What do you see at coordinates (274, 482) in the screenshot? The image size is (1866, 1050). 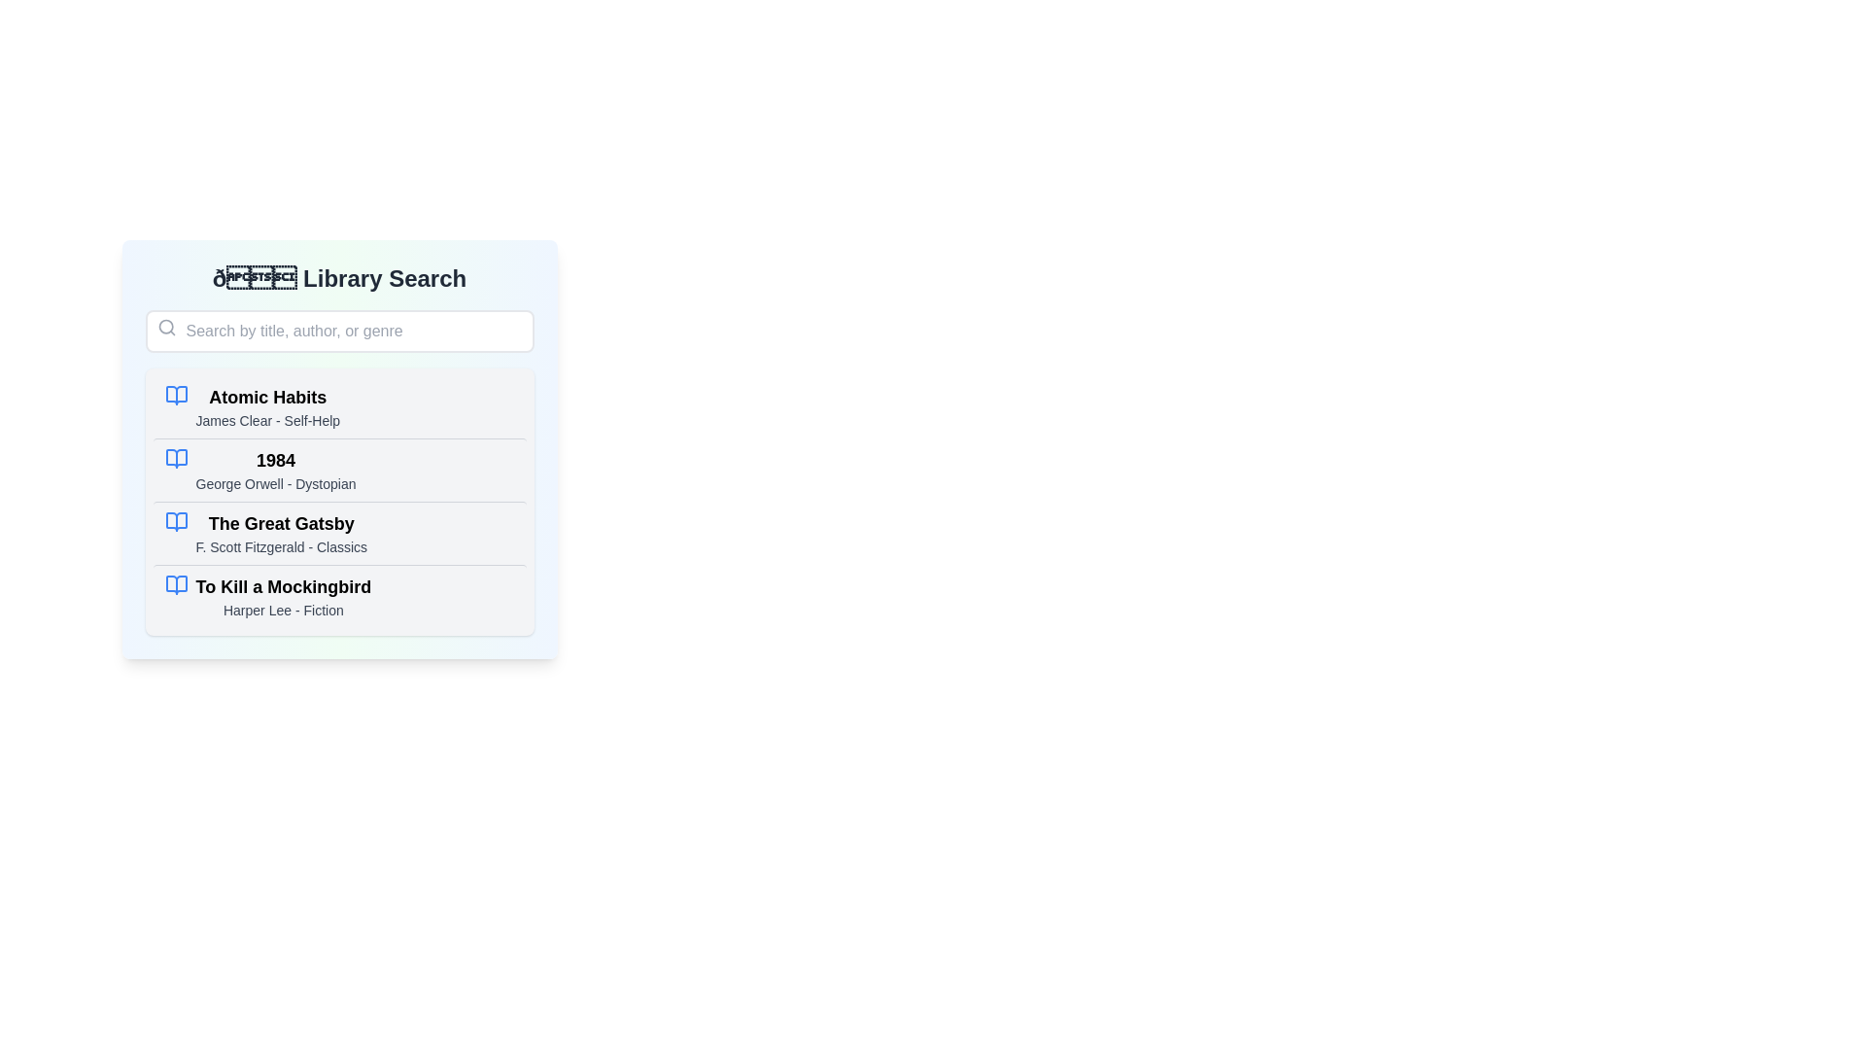 I see `text content of the text display field styled in a smaller font that reads 'George Orwell - Dystopian', located below the title '1984'` at bounding box center [274, 482].